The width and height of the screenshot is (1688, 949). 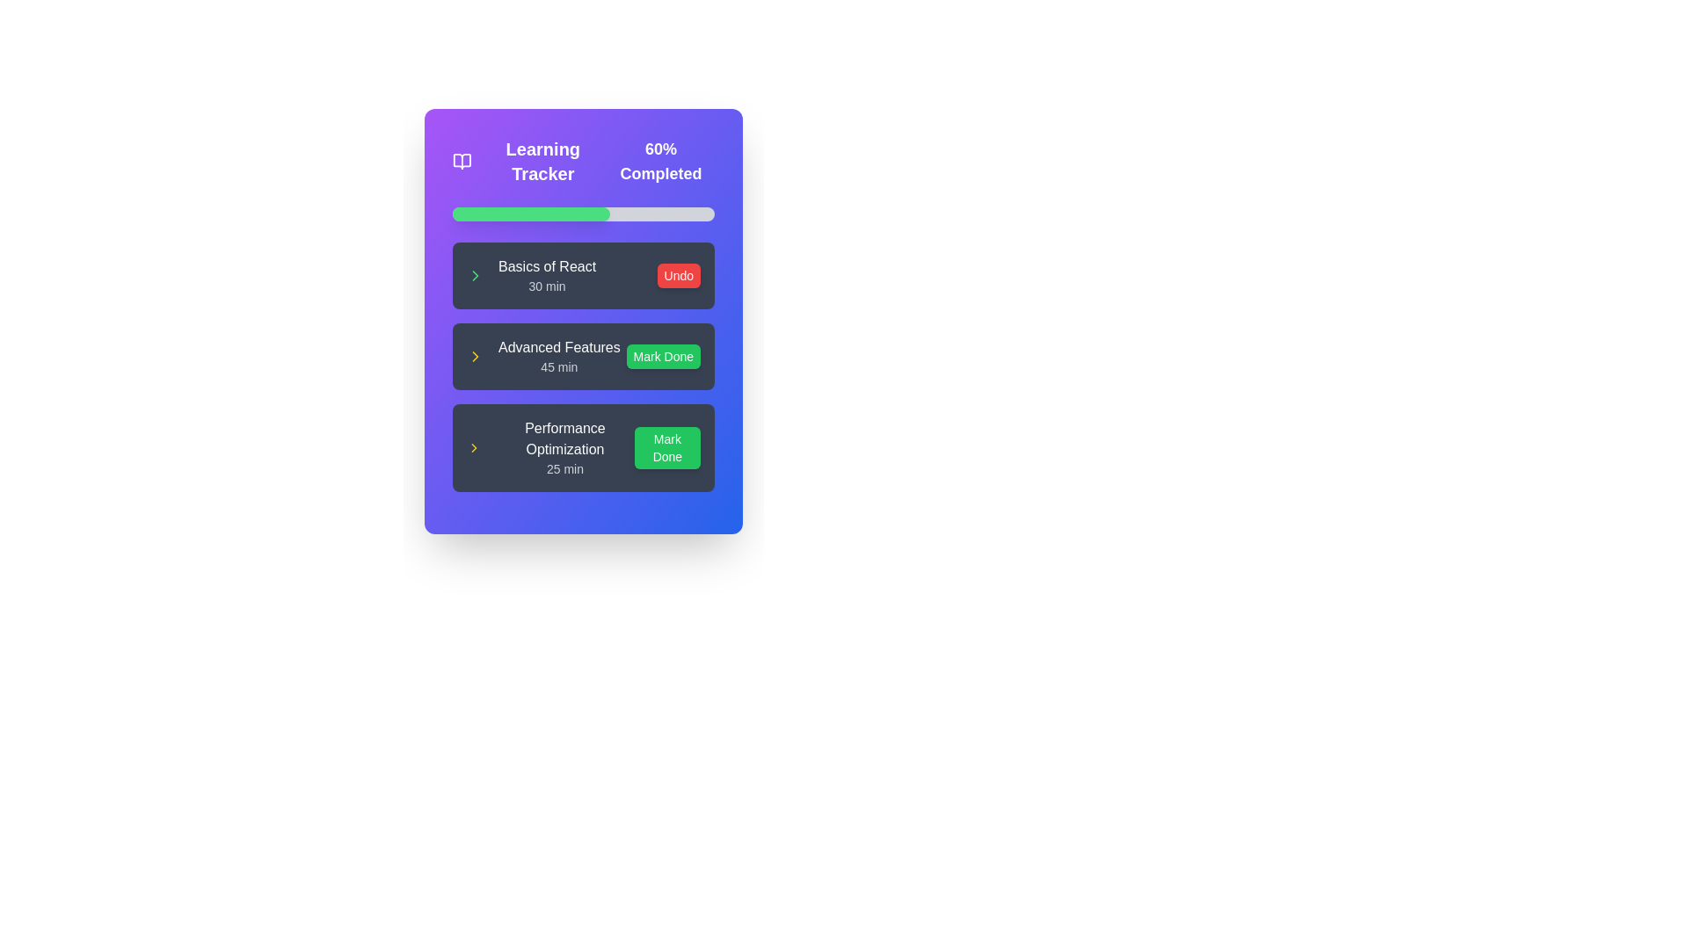 What do you see at coordinates (565, 467) in the screenshot?
I see `the static text label displaying '25 min' that is part of the 'Performance Optimization' row, located directly below the 'Performance Optimization' heading and adjacent to the 'Mark Done' button` at bounding box center [565, 467].